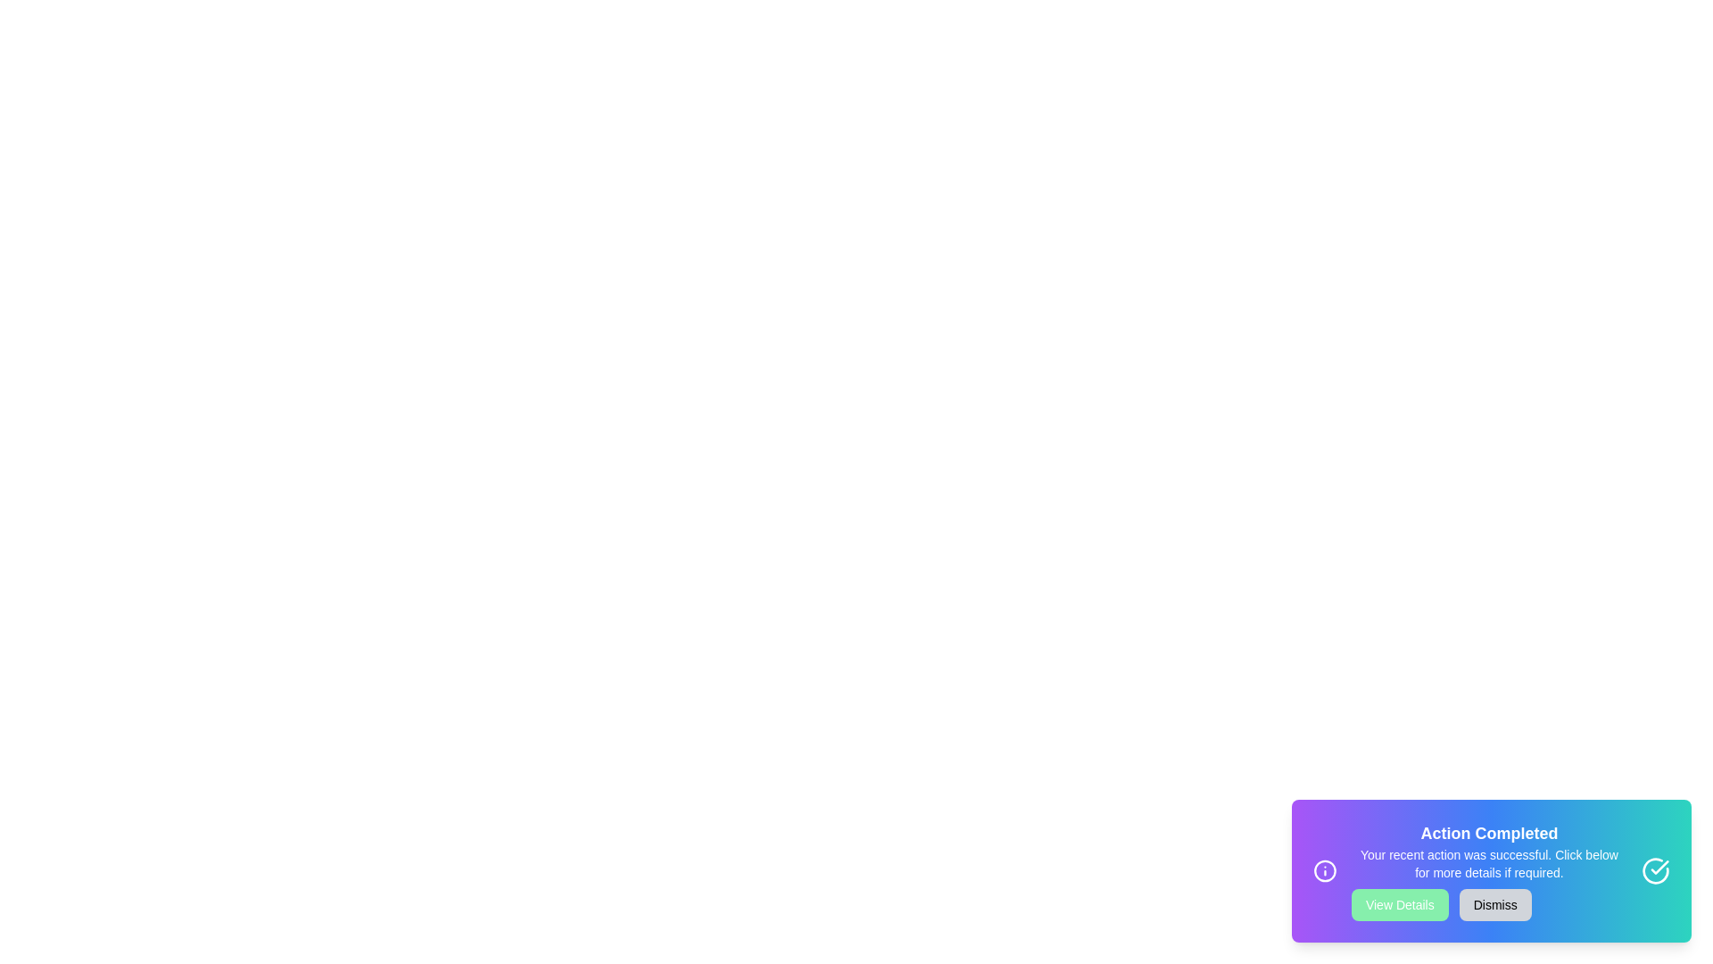  What do you see at coordinates (1494, 905) in the screenshot?
I see `'Dismiss' button to close the snackbar` at bounding box center [1494, 905].